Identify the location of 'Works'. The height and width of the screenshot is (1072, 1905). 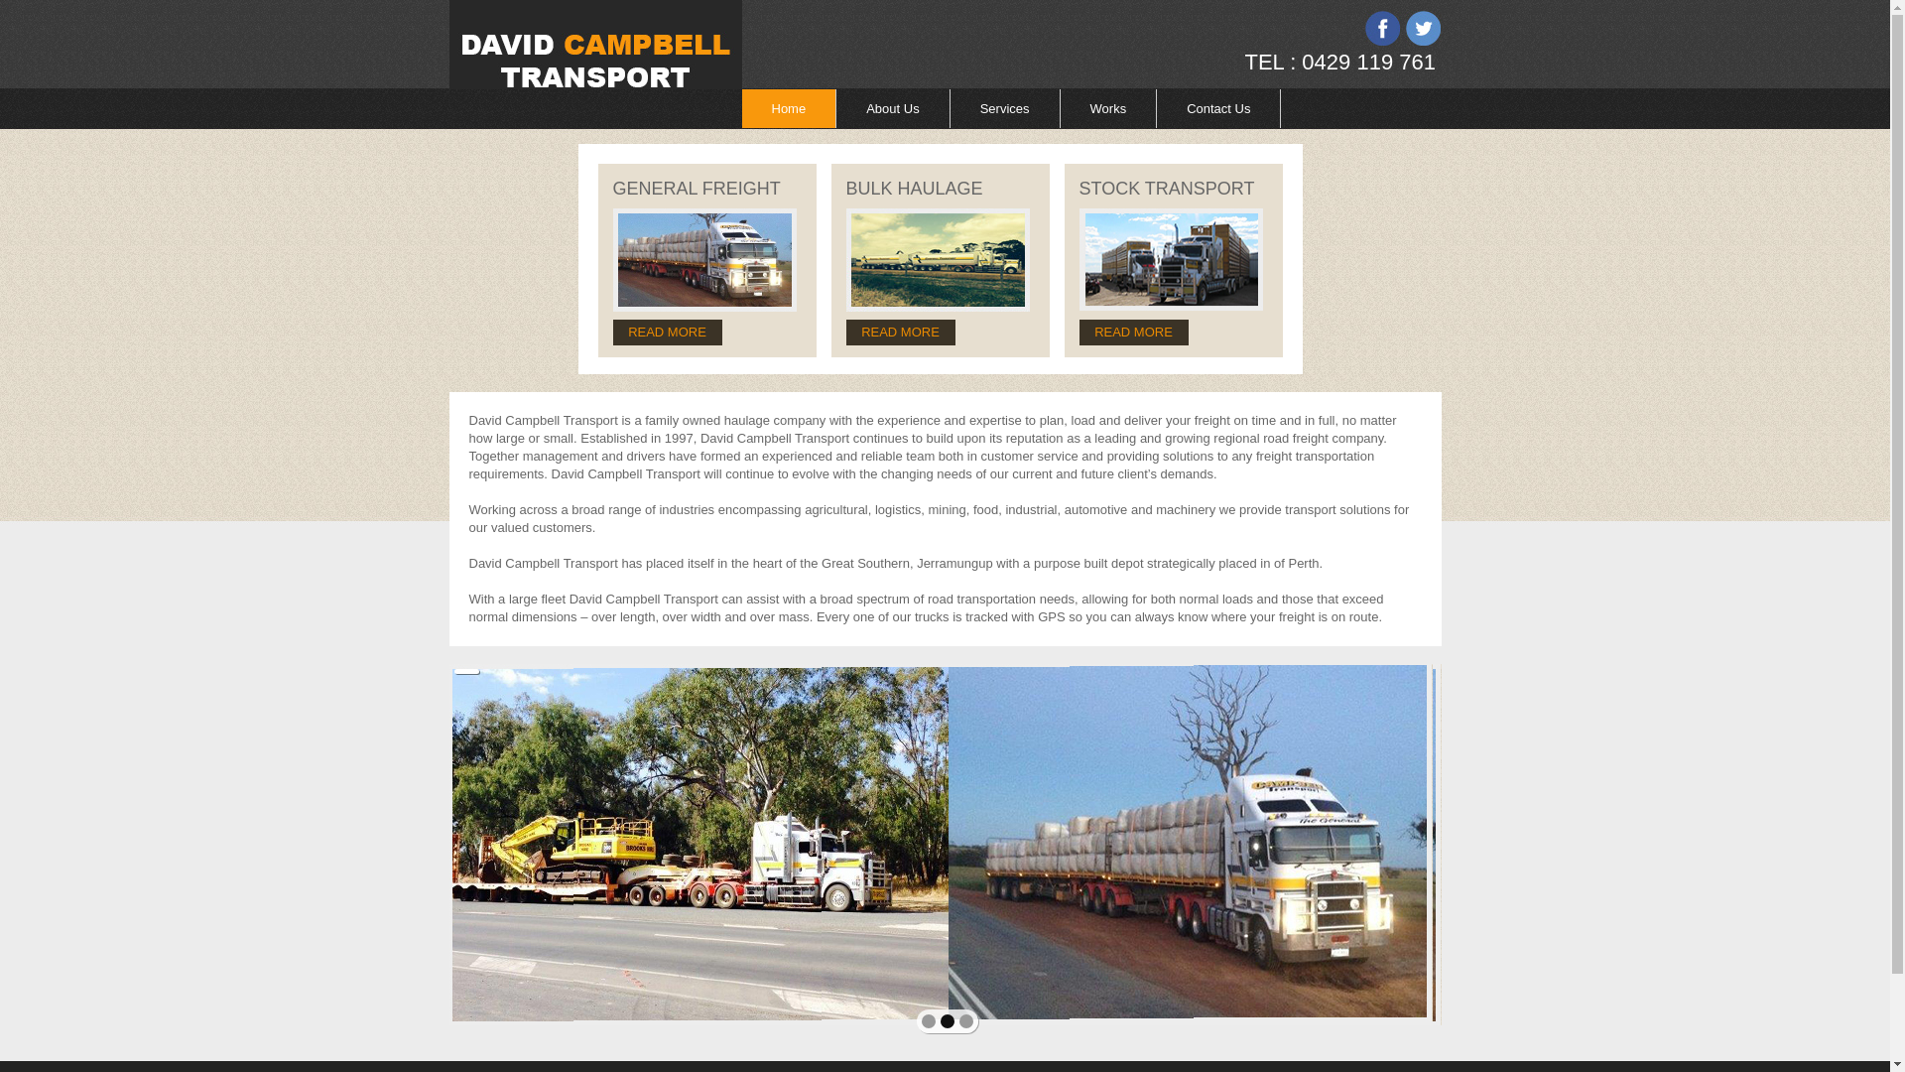
(1108, 108).